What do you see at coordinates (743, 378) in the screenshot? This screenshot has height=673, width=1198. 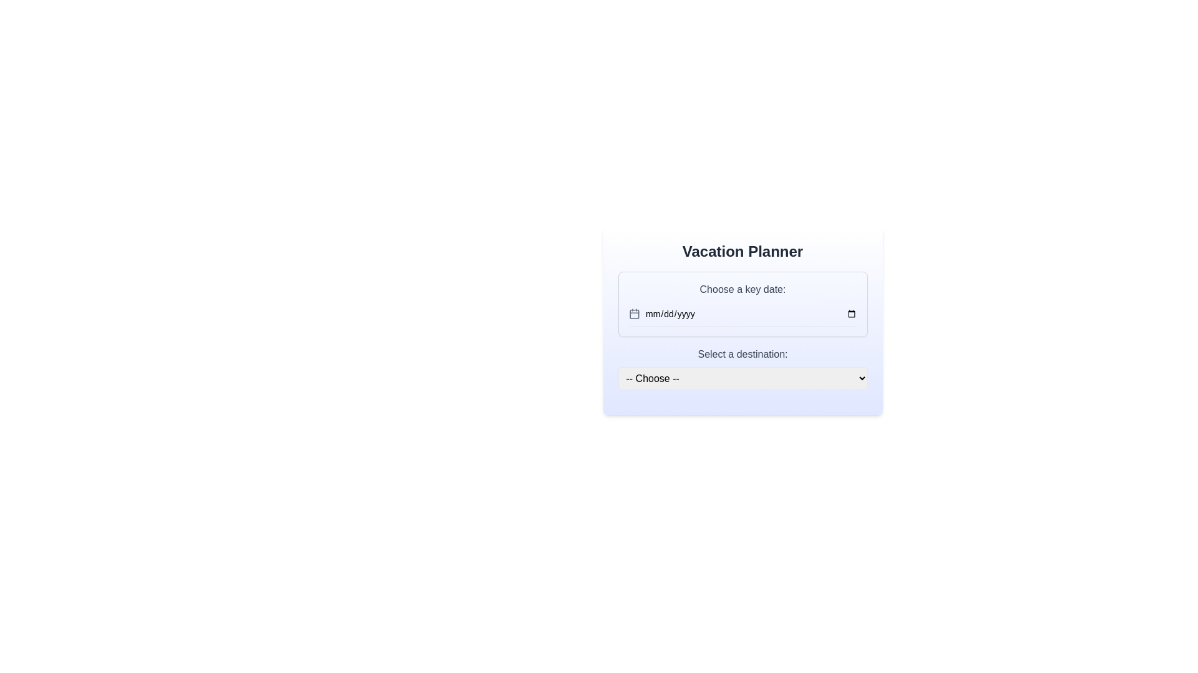 I see `the dropdown menu labeled 'Select a destination:'` at bounding box center [743, 378].